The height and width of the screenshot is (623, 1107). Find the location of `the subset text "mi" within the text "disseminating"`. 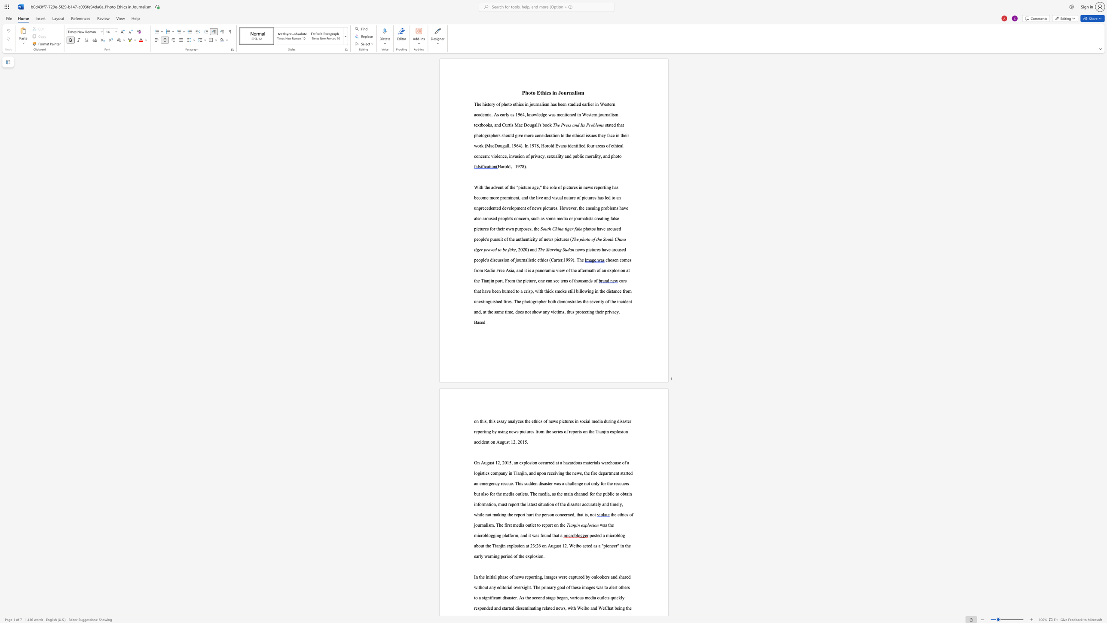

the subset text "mi" within the text "disseminating" is located at coordinates (524, 608).